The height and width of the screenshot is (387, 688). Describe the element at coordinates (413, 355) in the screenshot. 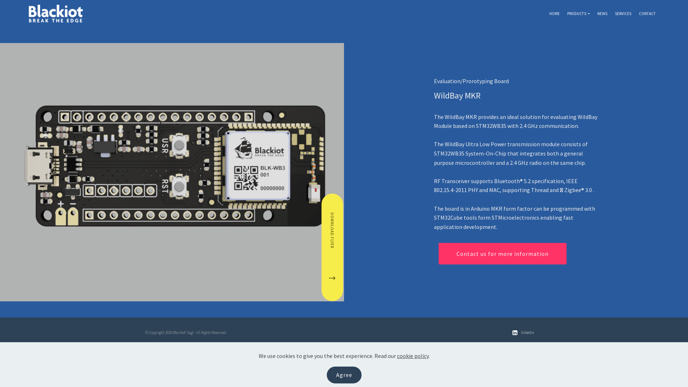

I see `'cookie policy'` at that location.